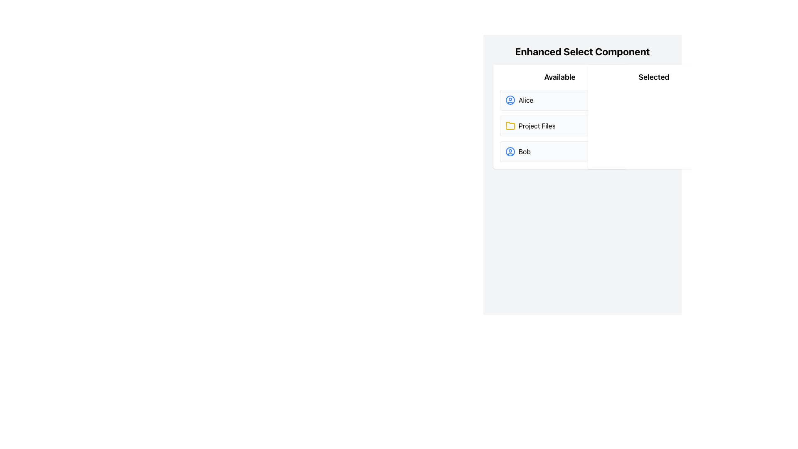 This screenshot has width=798, height=449. What do you see at coordinates (560, 152) in the screenshot?
I see `the third selectable list item in the left 'Available' column` at bounding box center [560, 152].